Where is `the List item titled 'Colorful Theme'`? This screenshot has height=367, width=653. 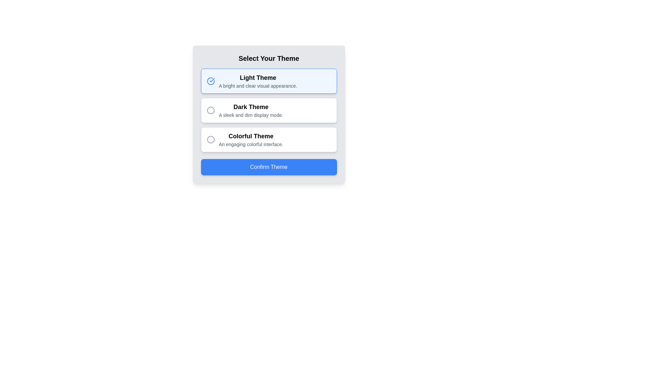 the List item titled 'Colorful Theme' is located at coordinates (251, 139).